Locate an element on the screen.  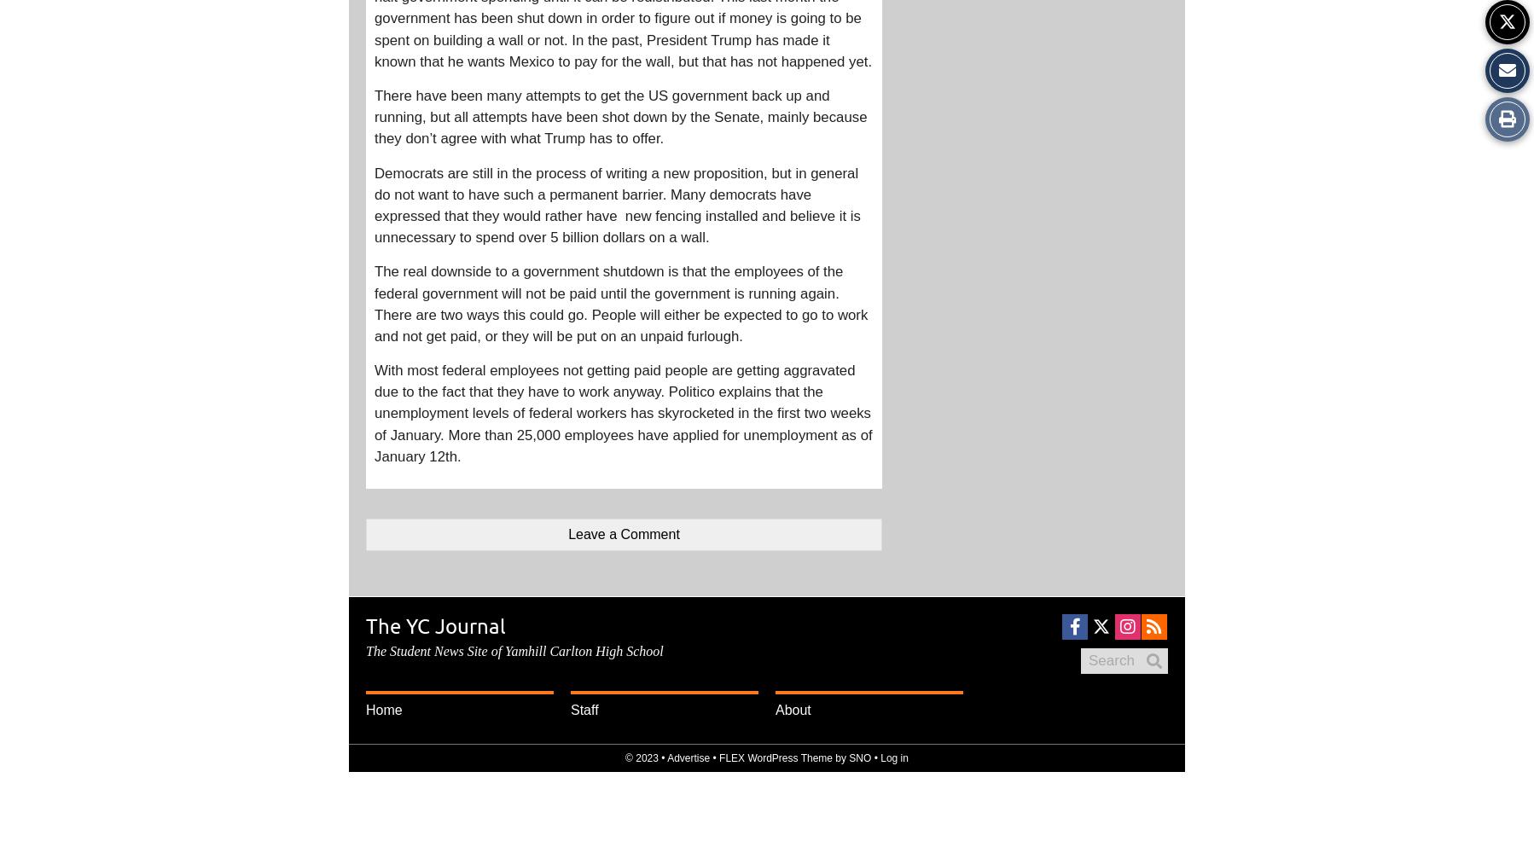
'© 2023  •' is located at coordinates (625, 758).